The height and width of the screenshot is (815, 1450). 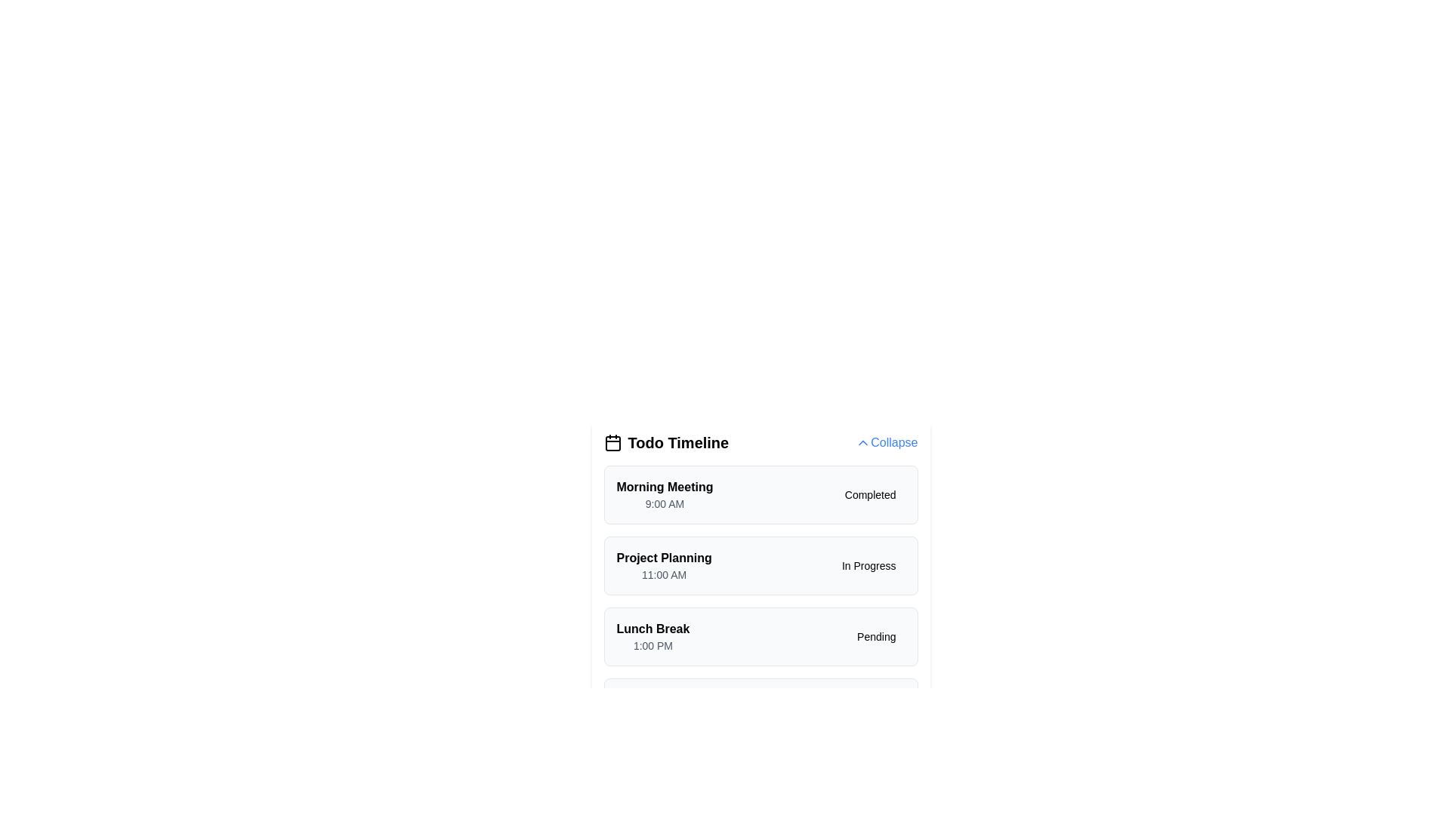 What do you see at coordinates (760, 494) in the screenshot?
I see `the 'Morning Meeting' informational card` at bounding box center [760, 494].